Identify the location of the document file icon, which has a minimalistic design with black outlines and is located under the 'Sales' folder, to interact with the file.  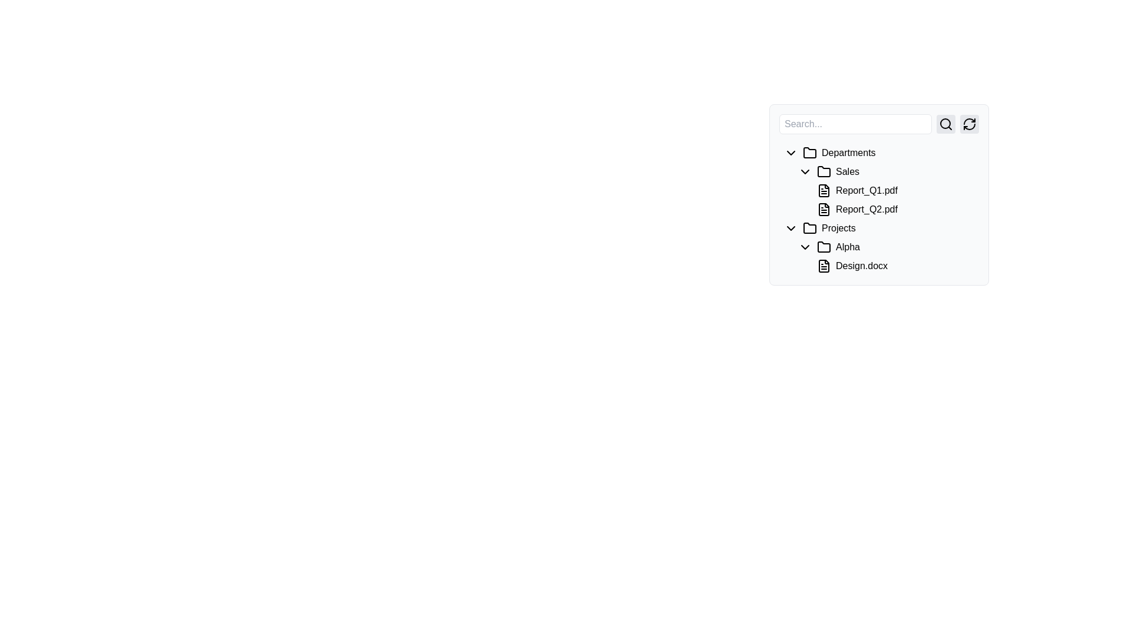
(825, 190).